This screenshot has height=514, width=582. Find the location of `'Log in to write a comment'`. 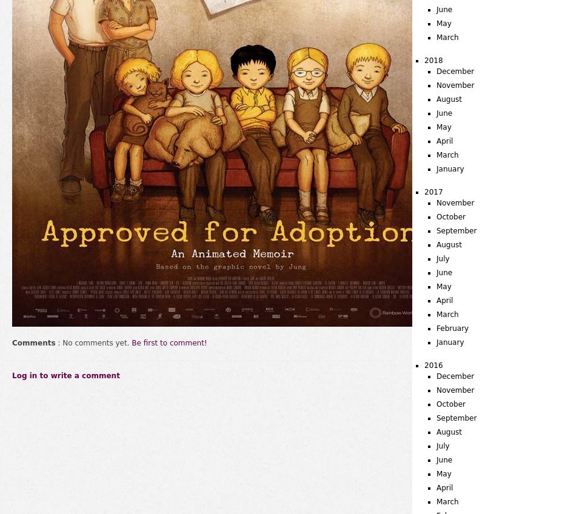

'Log in to write a comment' is located at coordinates (65, 375).